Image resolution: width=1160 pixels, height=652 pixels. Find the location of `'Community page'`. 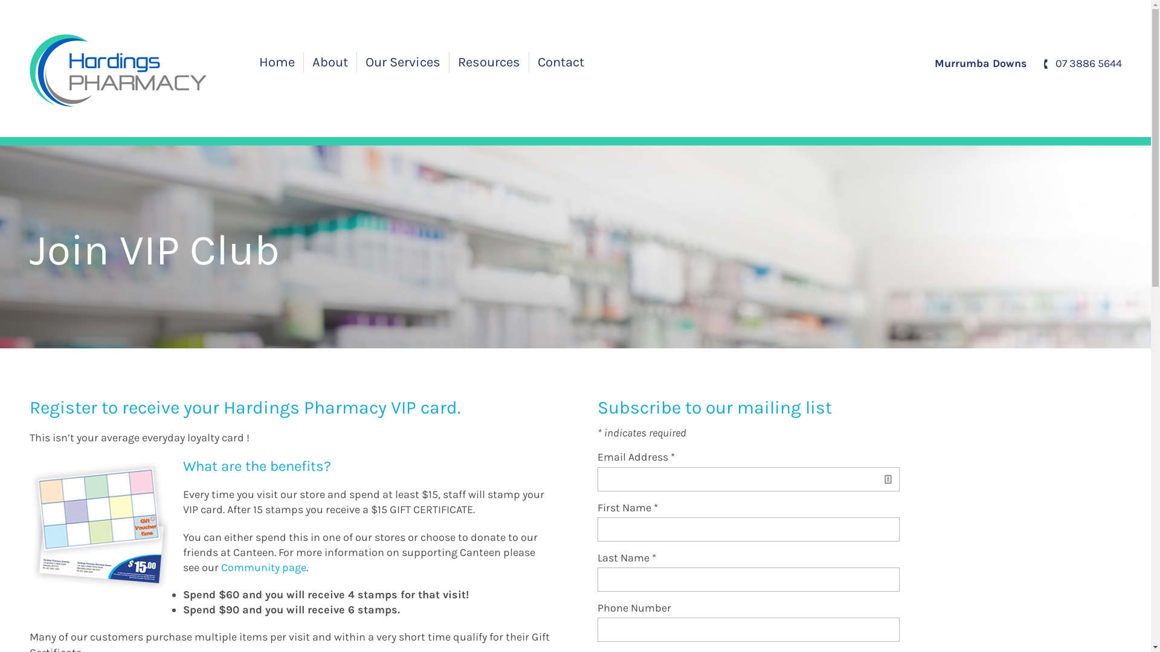

'Community page' is located at coordinates (263, 567).